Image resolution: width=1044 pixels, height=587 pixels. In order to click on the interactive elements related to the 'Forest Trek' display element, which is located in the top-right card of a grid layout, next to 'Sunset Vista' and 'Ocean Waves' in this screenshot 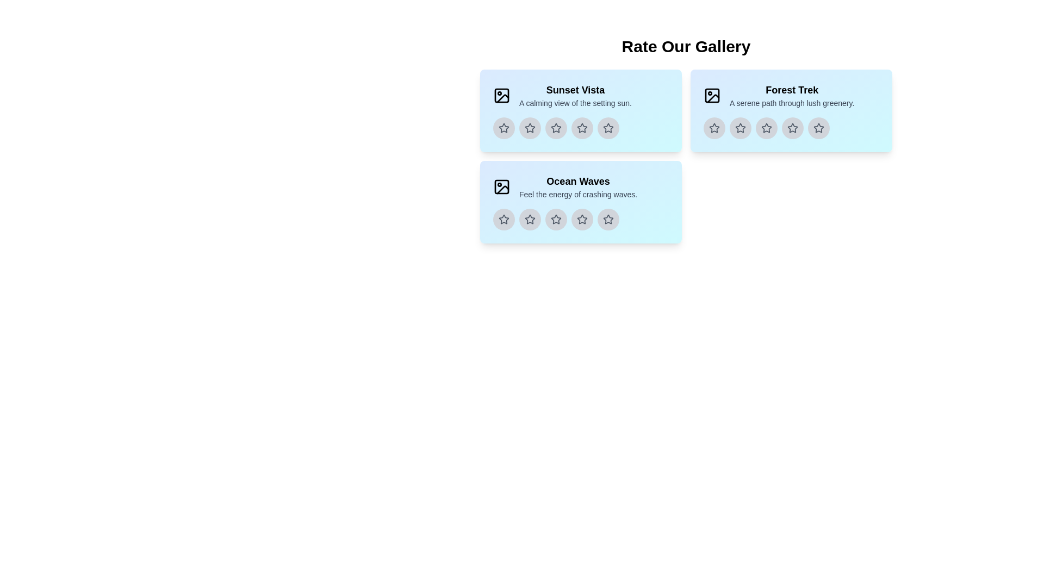, I will do `click(792, 95)`.